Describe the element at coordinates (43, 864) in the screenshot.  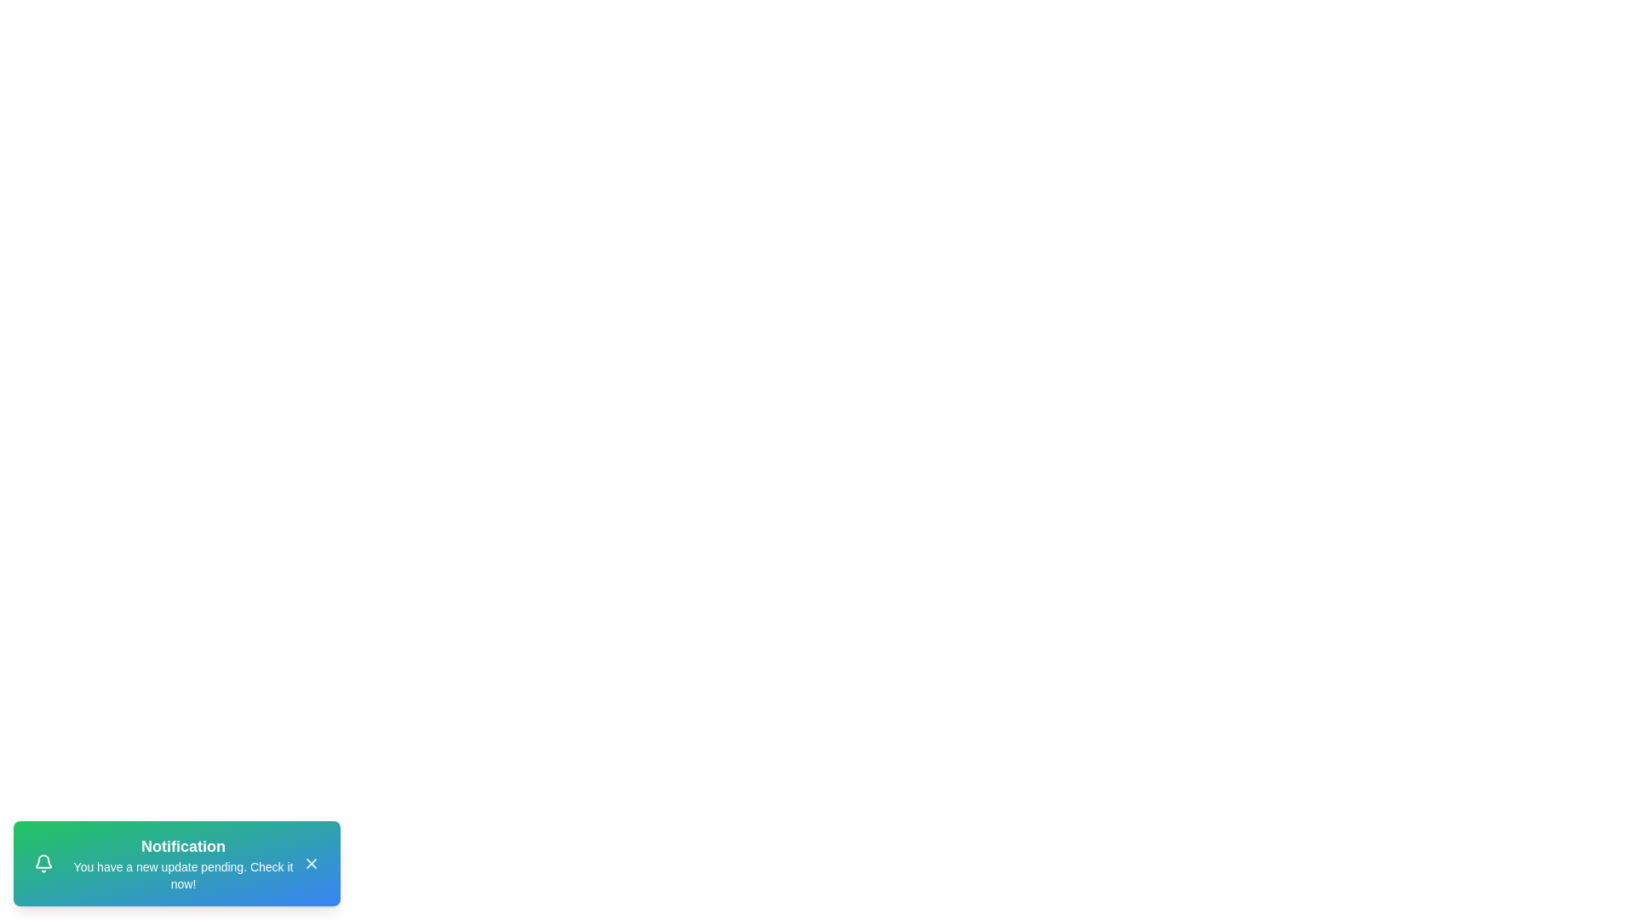
I see `the notification icon to observe its details` at that location.